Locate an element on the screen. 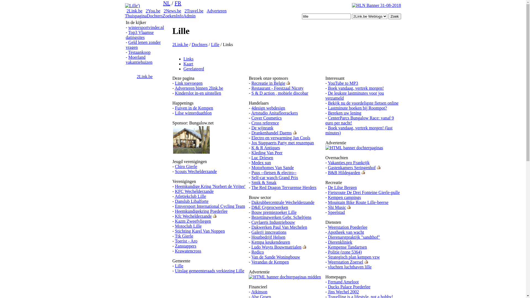 The height and width of the screenshot is (298, 530). 'Recreatie in Belgie' is located at coordinates (268, 83).